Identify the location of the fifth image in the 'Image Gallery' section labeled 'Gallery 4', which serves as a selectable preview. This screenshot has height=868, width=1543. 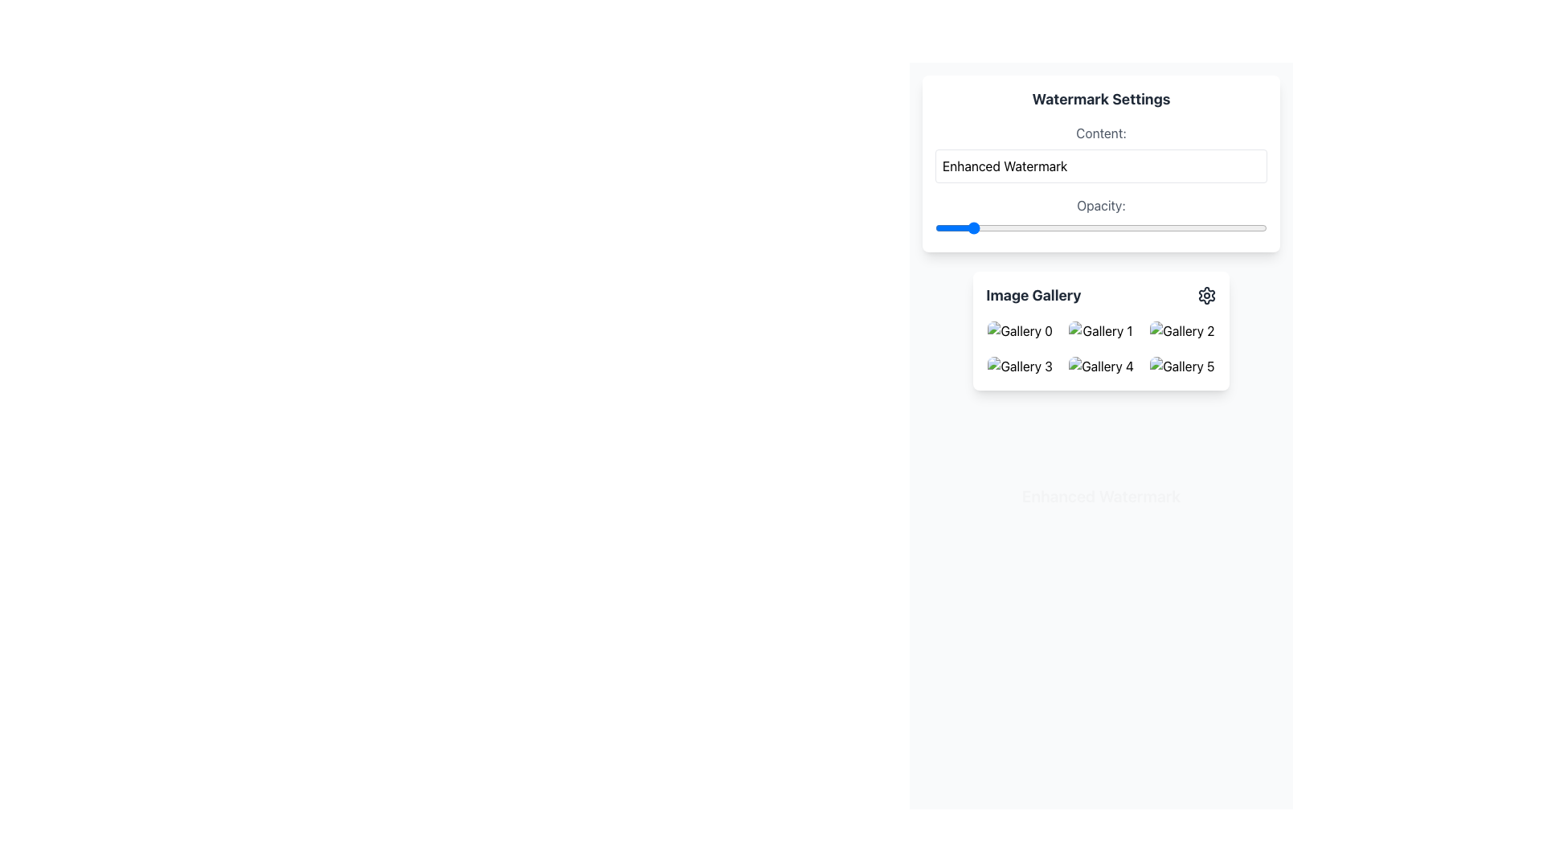
(1100, 366).